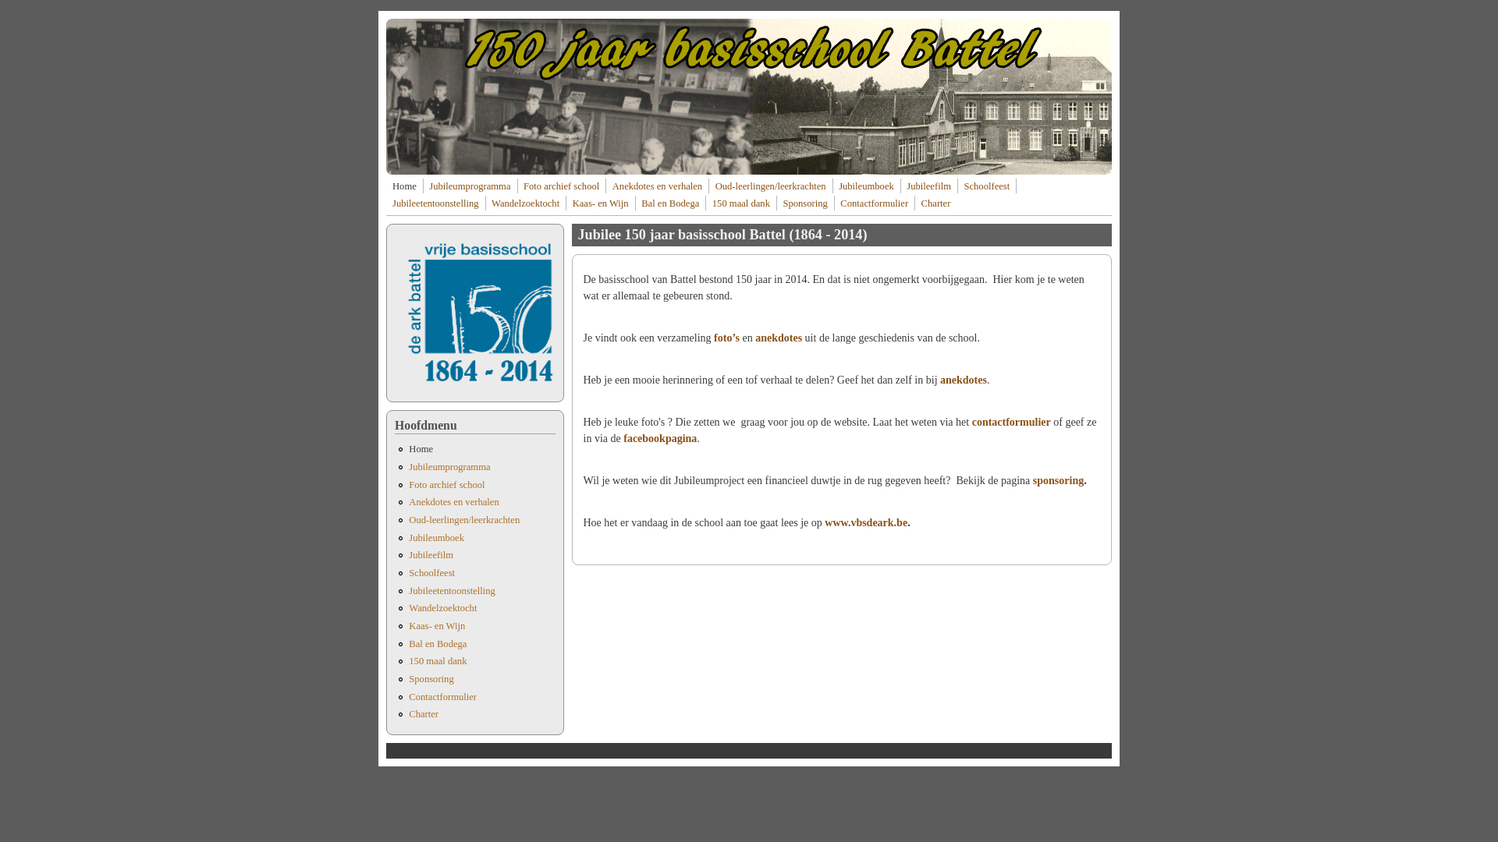 The height and width of the screenshot is (842, 1498). I want to click on '150 maal dank', so click(437, 661).